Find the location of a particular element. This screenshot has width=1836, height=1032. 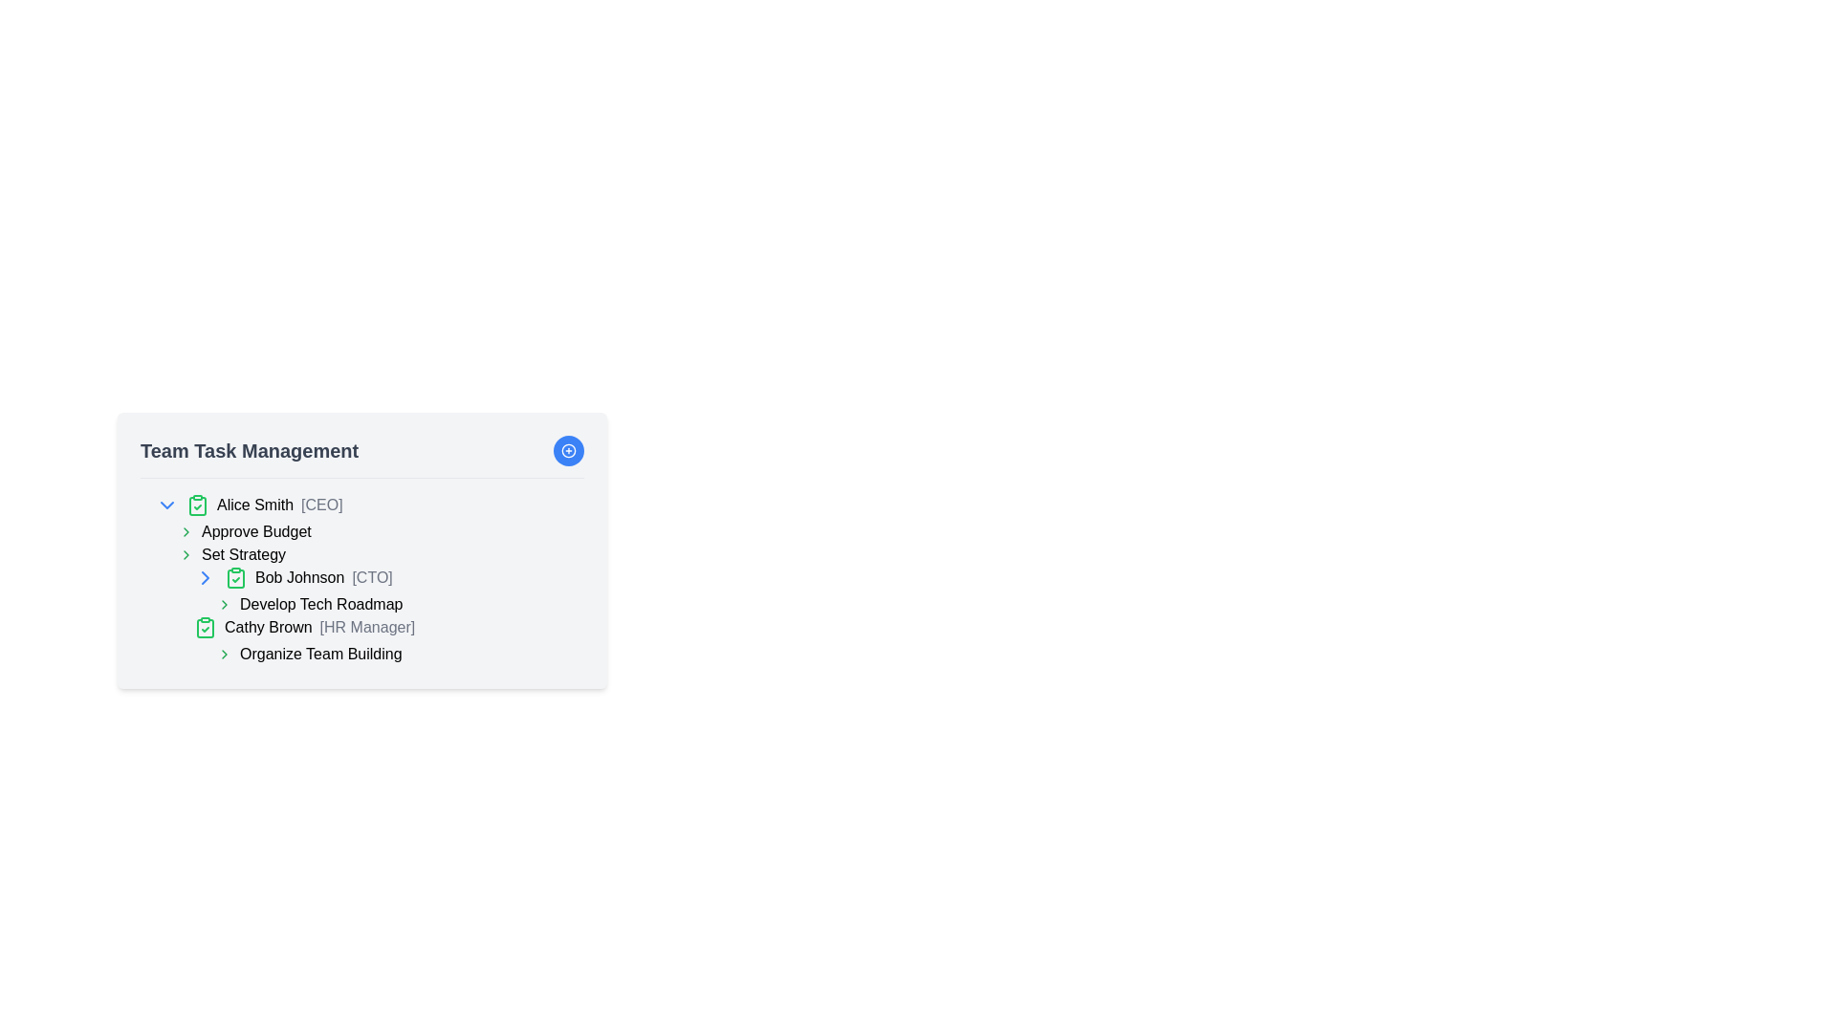

the 'Set Strategy' label is located at coordinates (242, 555).